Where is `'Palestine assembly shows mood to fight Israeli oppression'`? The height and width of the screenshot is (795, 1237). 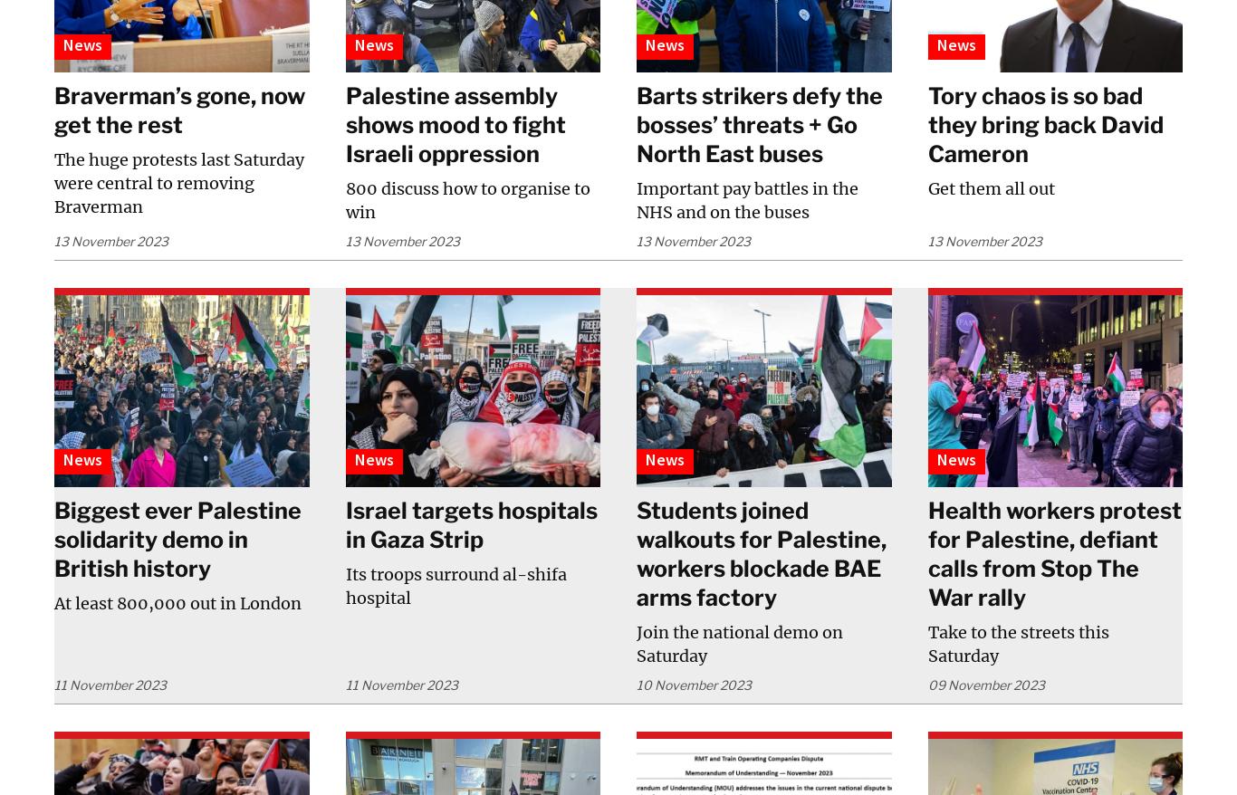 'Palestine assembly shows mood to fight Israeli oppression' is located at coordinates (343, 125).